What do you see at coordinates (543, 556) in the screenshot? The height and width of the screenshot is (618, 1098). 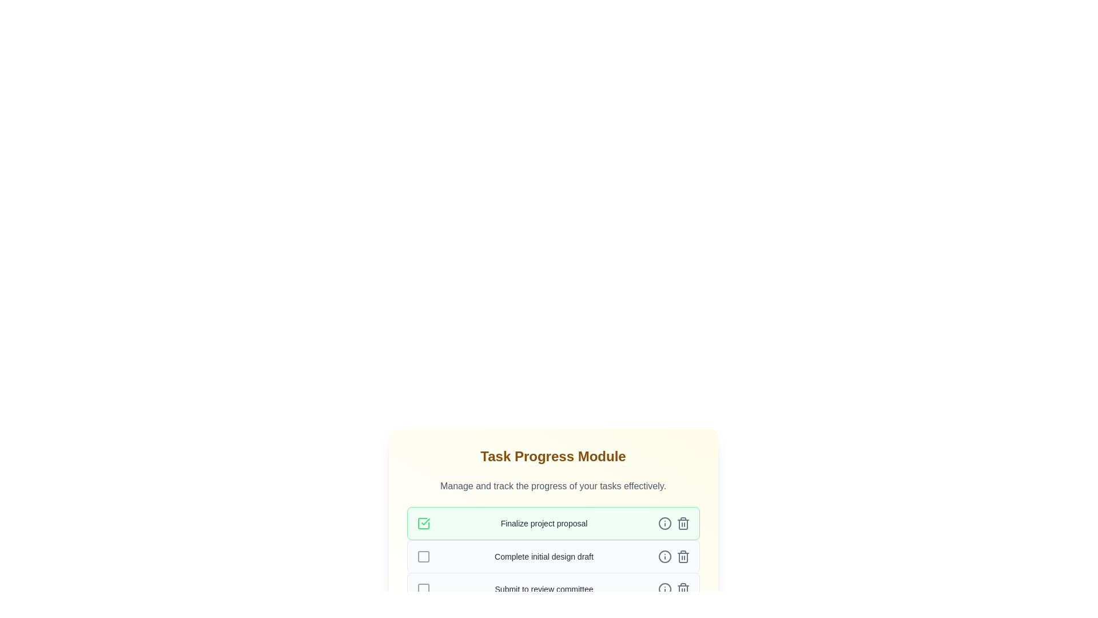 I see `the static text element that serves as a label for a task in the task management system, positioned below 'Finalize project proposal'` at bounding box center [543, 556].